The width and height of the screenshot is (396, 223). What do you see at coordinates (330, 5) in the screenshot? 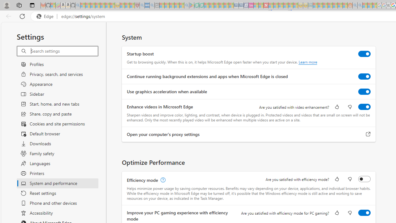
I see `'Expert Portfolios - Sleeping'` at bounding box center [330, 5].